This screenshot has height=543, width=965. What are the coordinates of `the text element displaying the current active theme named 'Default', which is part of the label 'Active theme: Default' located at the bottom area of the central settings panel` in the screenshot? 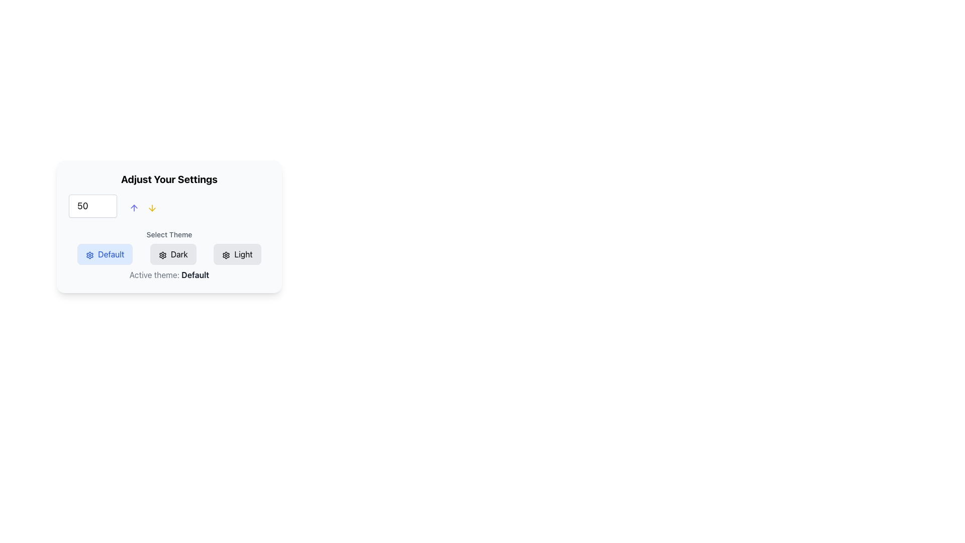 It's located at (195, 275).